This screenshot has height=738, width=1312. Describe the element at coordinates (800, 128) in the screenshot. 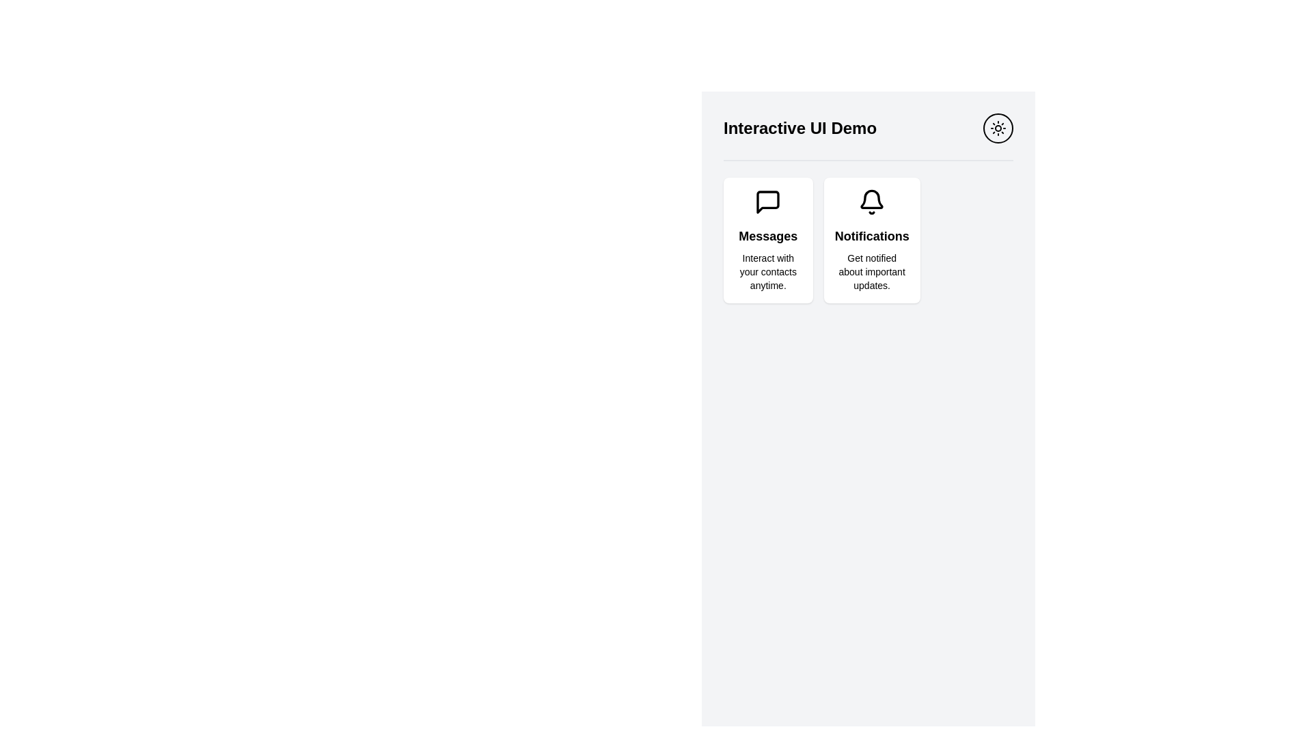

I see `the bold text header reading 'Interactive UI Demo' for reading` at that location.